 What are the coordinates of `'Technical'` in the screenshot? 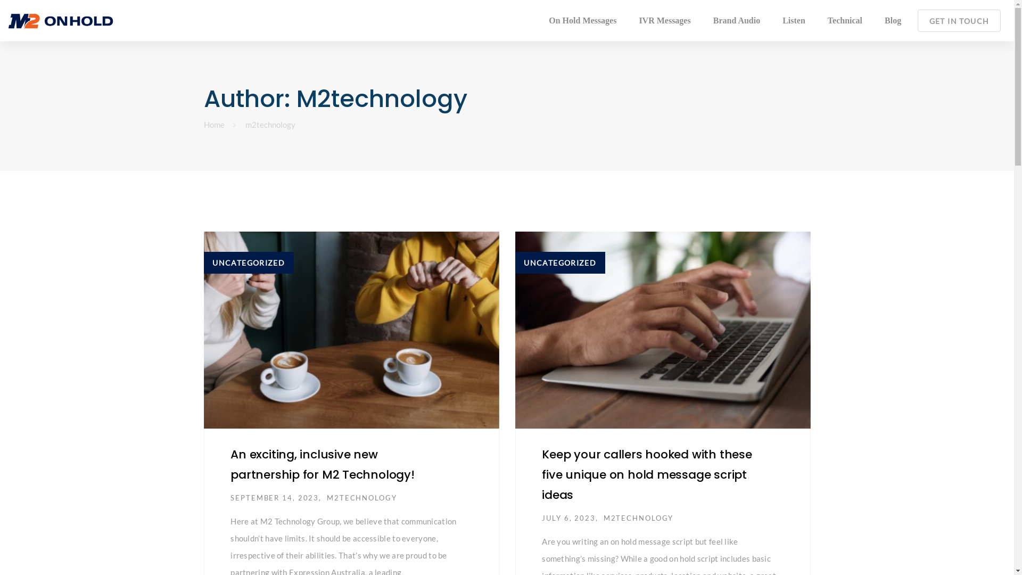 It's located at (827, 20).